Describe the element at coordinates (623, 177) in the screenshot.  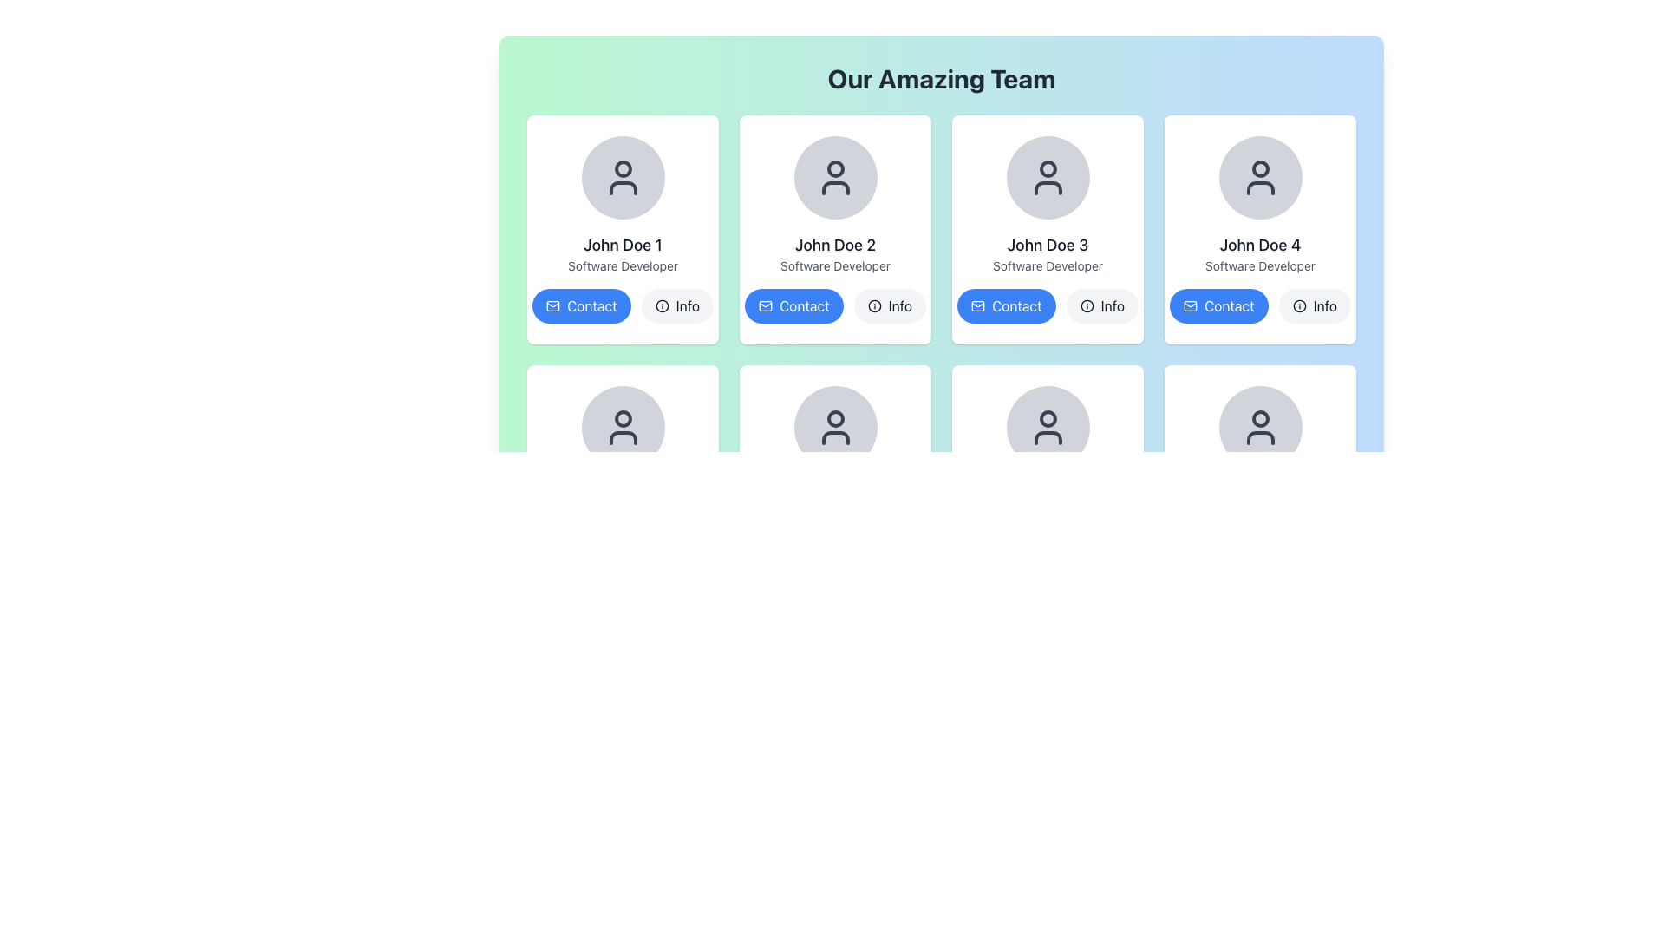
I see `the Profile Avatar element, which is a circular icon with a gray background and a user silhouette, located at the top center of the profile card for 'John Doe 1' in the 'Our Amazing Team' section` at that location.